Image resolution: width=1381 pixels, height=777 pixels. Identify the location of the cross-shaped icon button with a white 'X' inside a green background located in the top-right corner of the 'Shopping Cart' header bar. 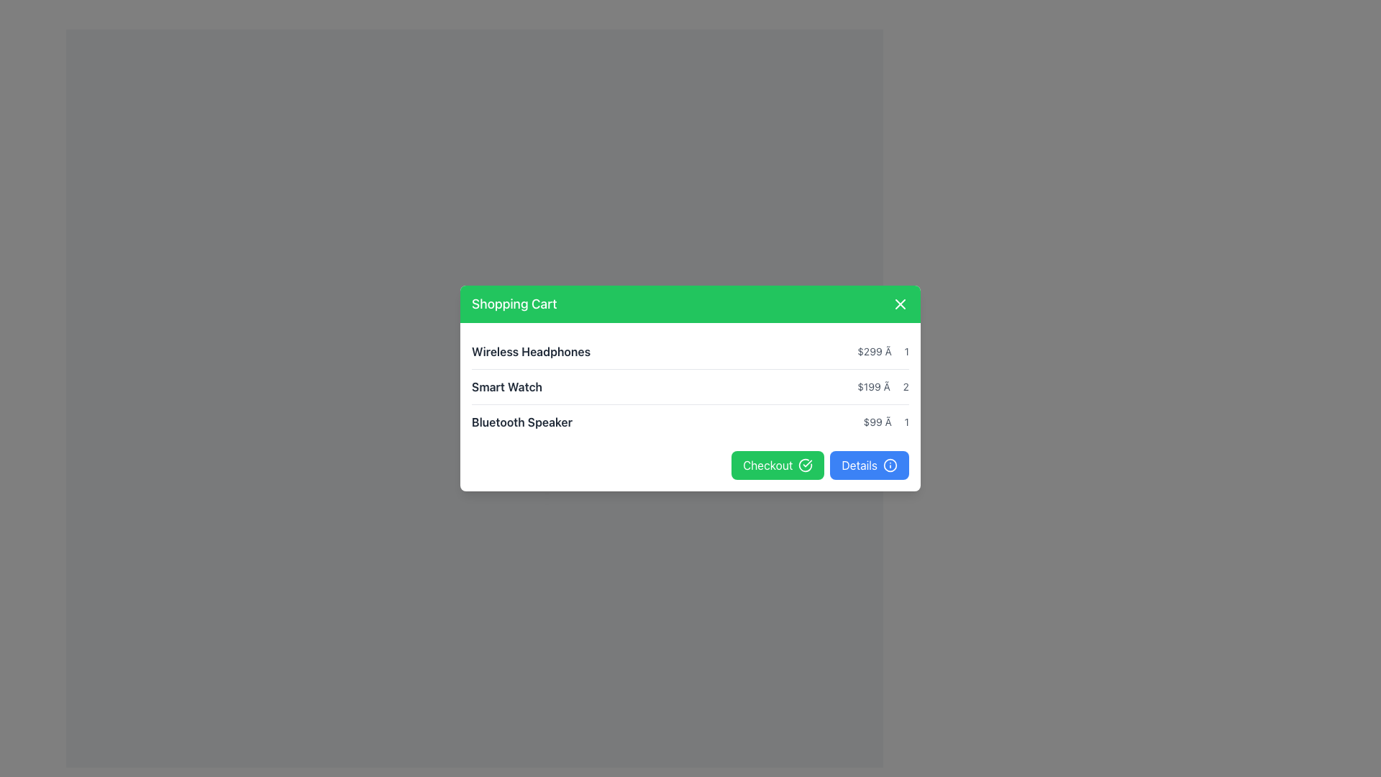
(900, 304).